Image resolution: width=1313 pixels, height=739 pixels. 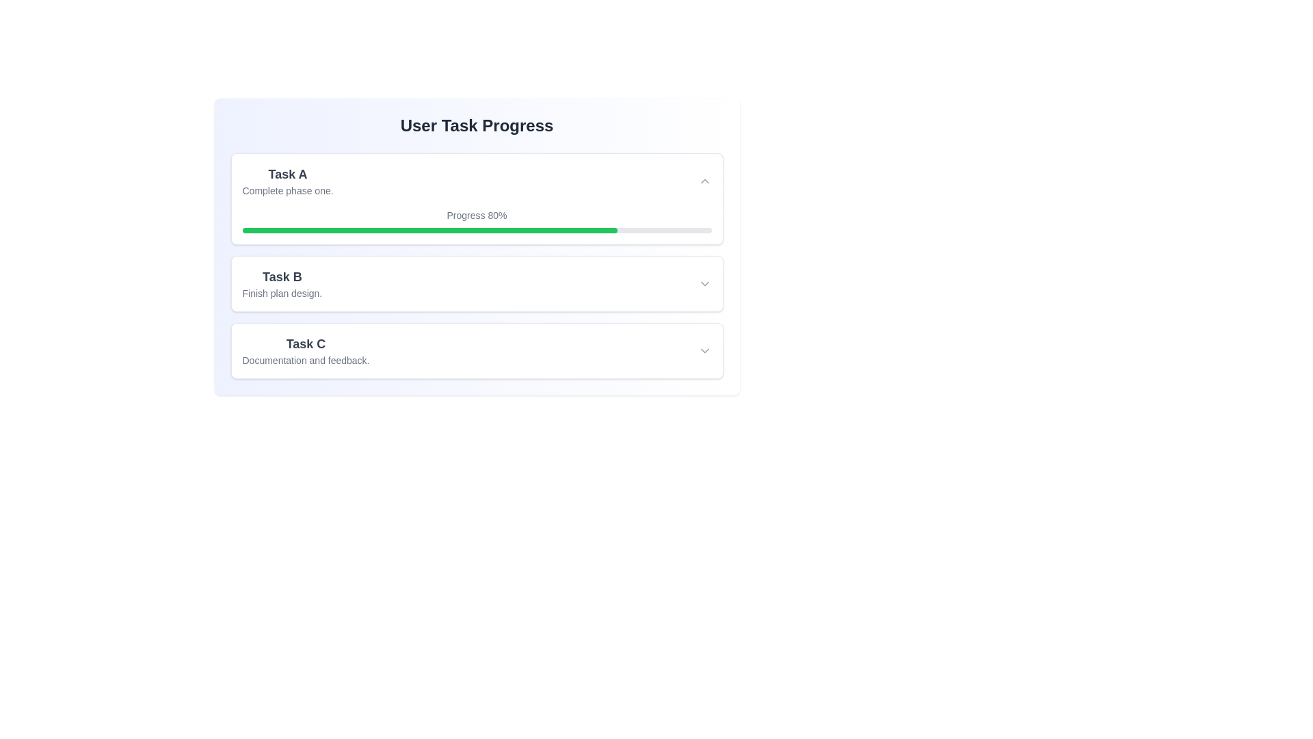 I want to click on the upward-pointing triangular icon button, which is styled in gray and changes to blue on hover, located at the top-right corner of the task card titled 'Task A.', so click(x=704, y=181).